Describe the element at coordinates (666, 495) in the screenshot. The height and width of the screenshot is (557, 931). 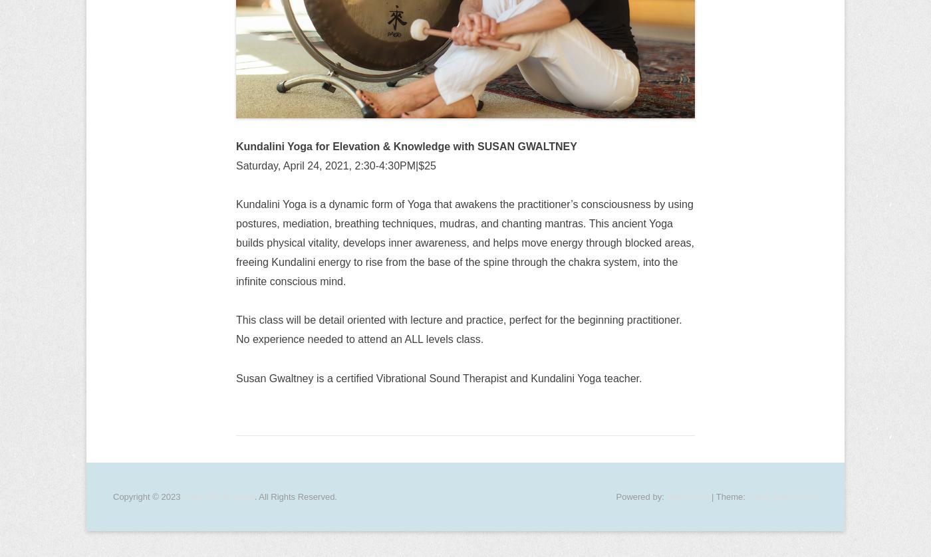
I see `'WordPress'` at that location.